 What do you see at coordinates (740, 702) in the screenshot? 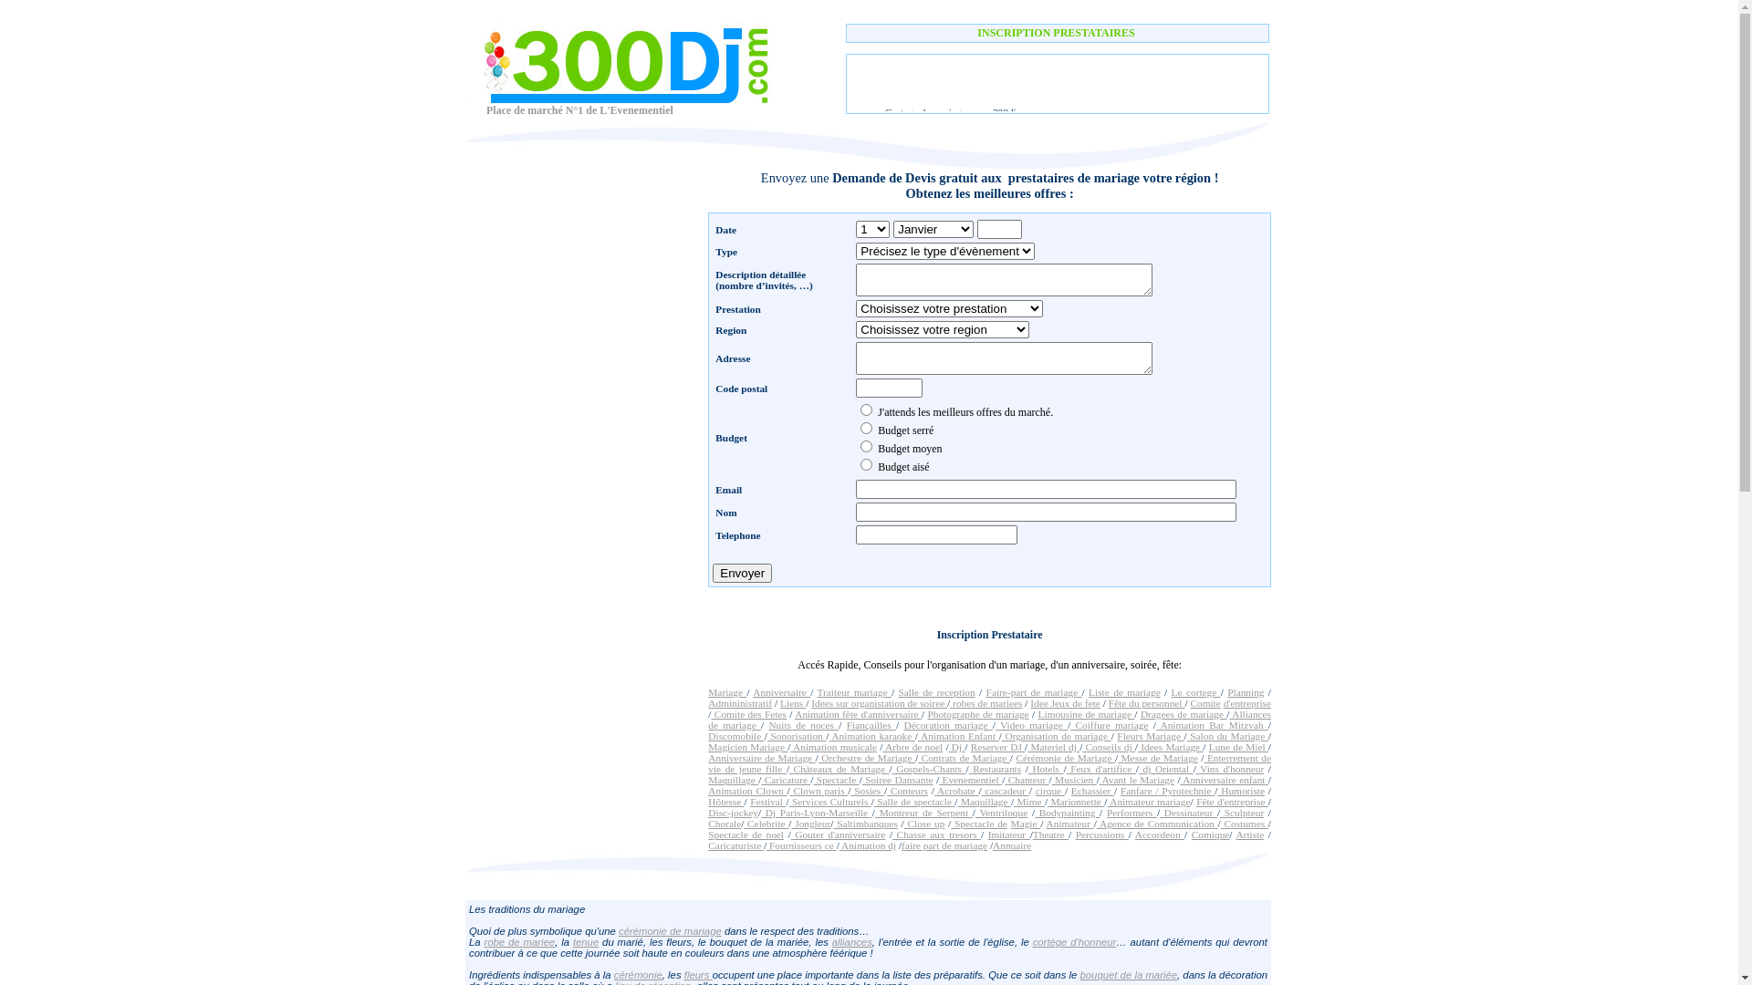
I see `'Admininistratif'` at bounding box center [740, 702].